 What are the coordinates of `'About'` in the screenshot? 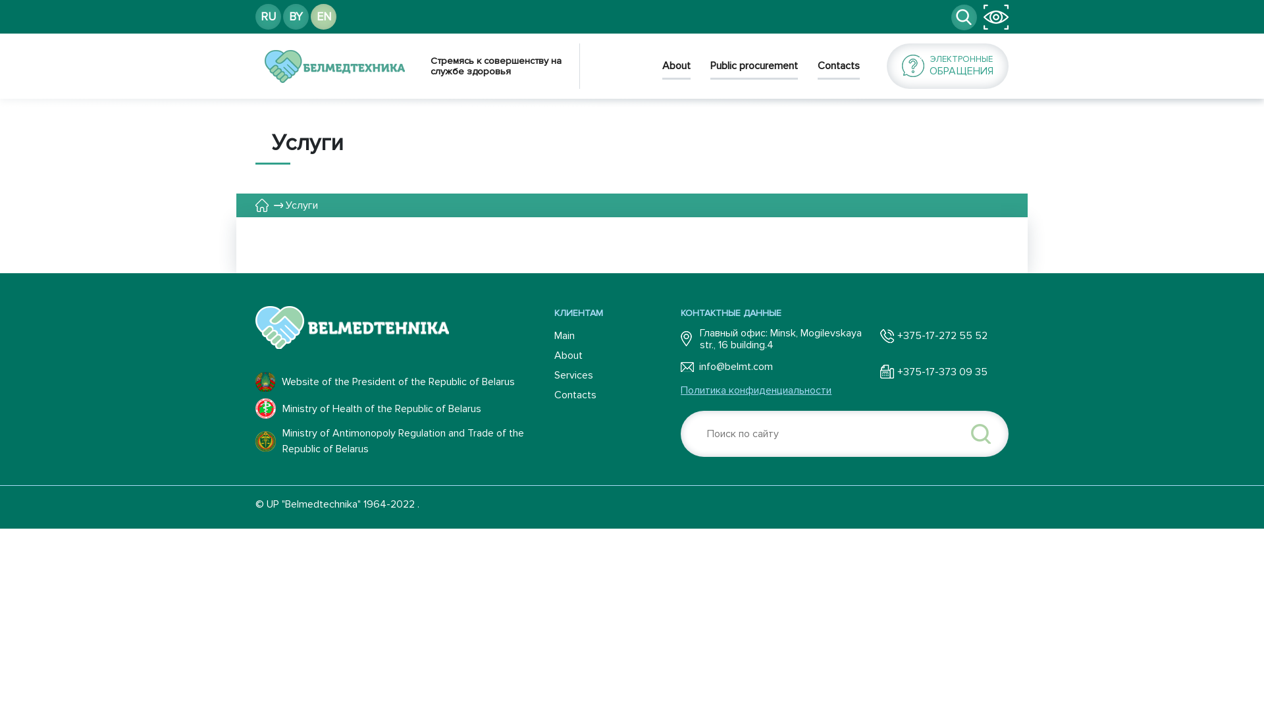 It's located at (616, 355).